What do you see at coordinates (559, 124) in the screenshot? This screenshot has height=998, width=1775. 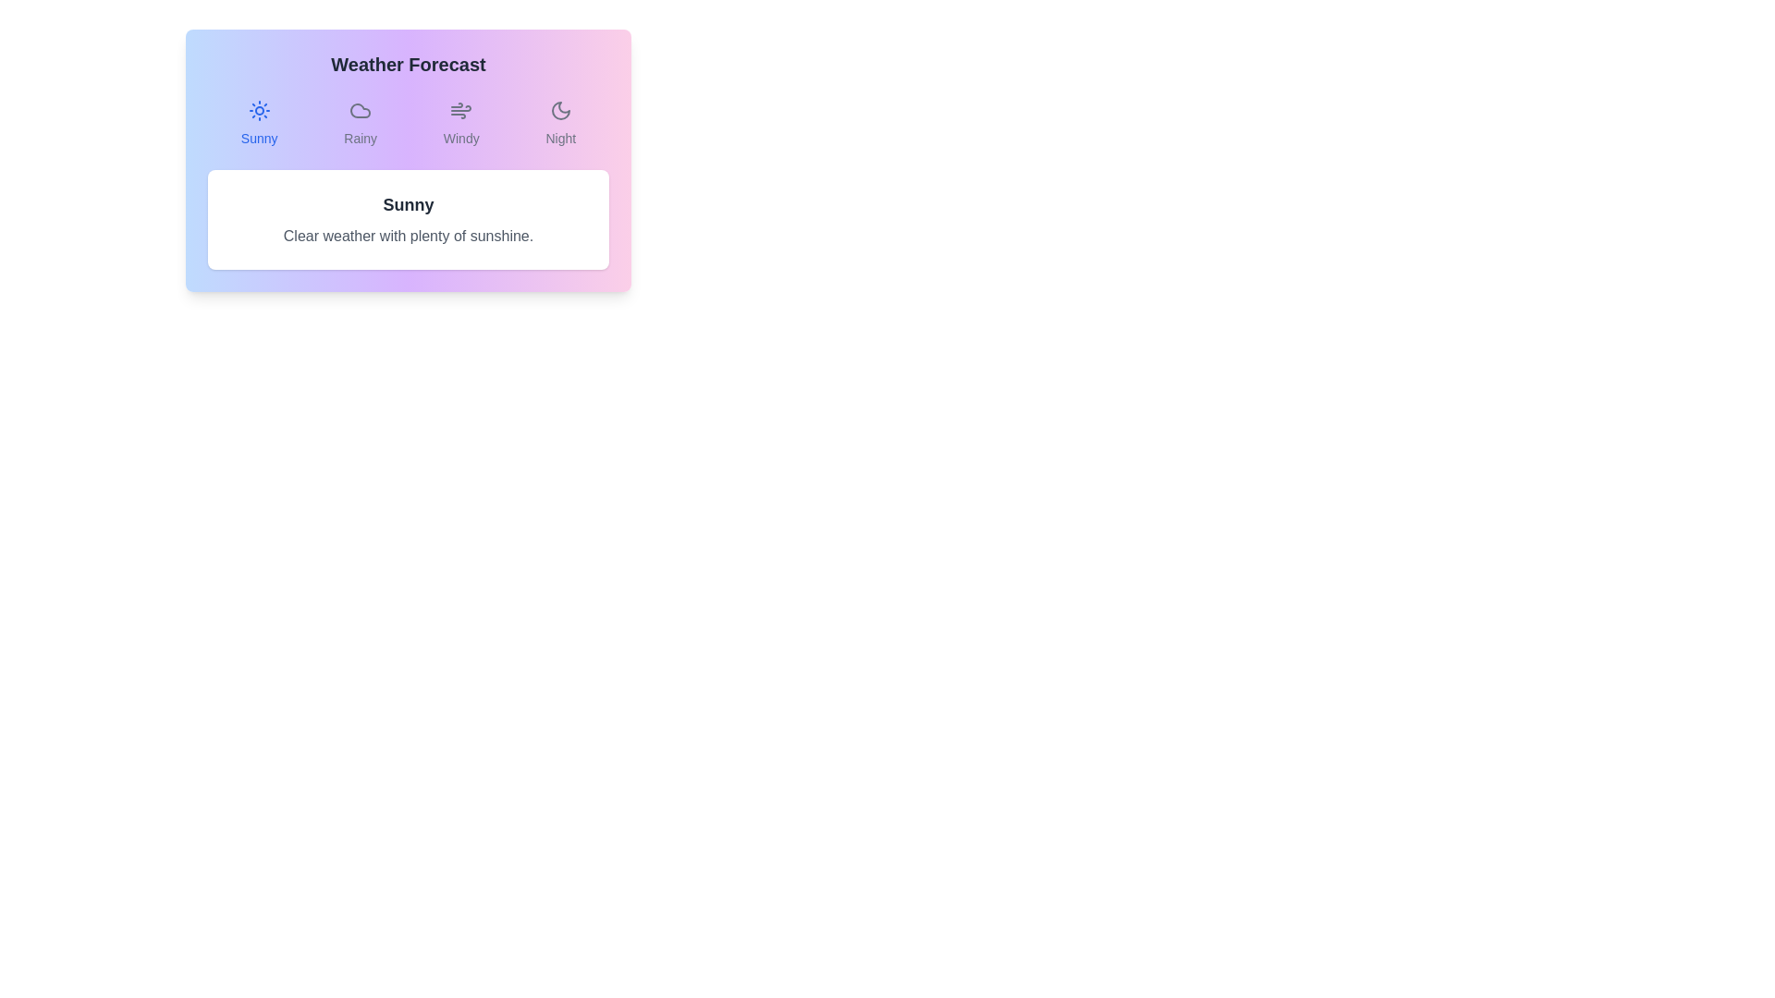 I see `the Night tab by clicking on its button` at bounding box center [559, 124].